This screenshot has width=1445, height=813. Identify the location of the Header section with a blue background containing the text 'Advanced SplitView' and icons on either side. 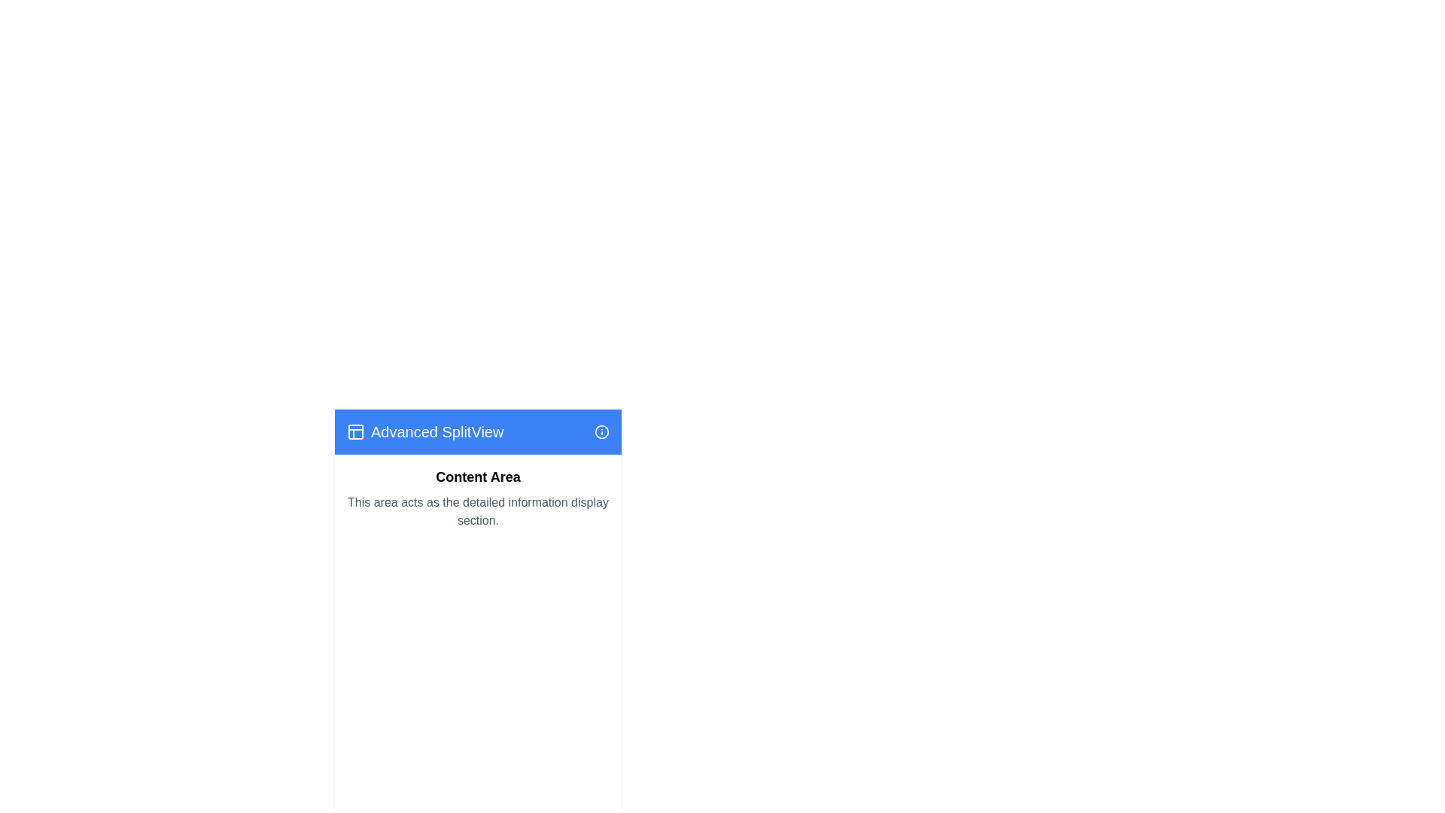
(477, 432).